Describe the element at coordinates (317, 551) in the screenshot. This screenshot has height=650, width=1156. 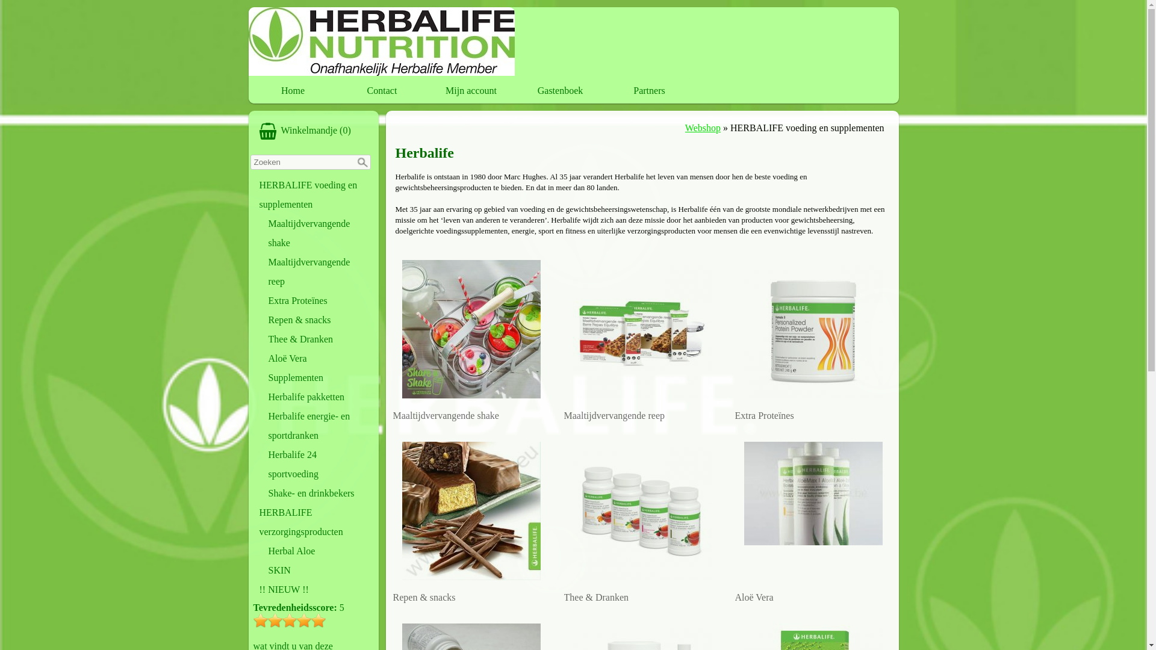
I see `'Herbal Aloe'` at that location.